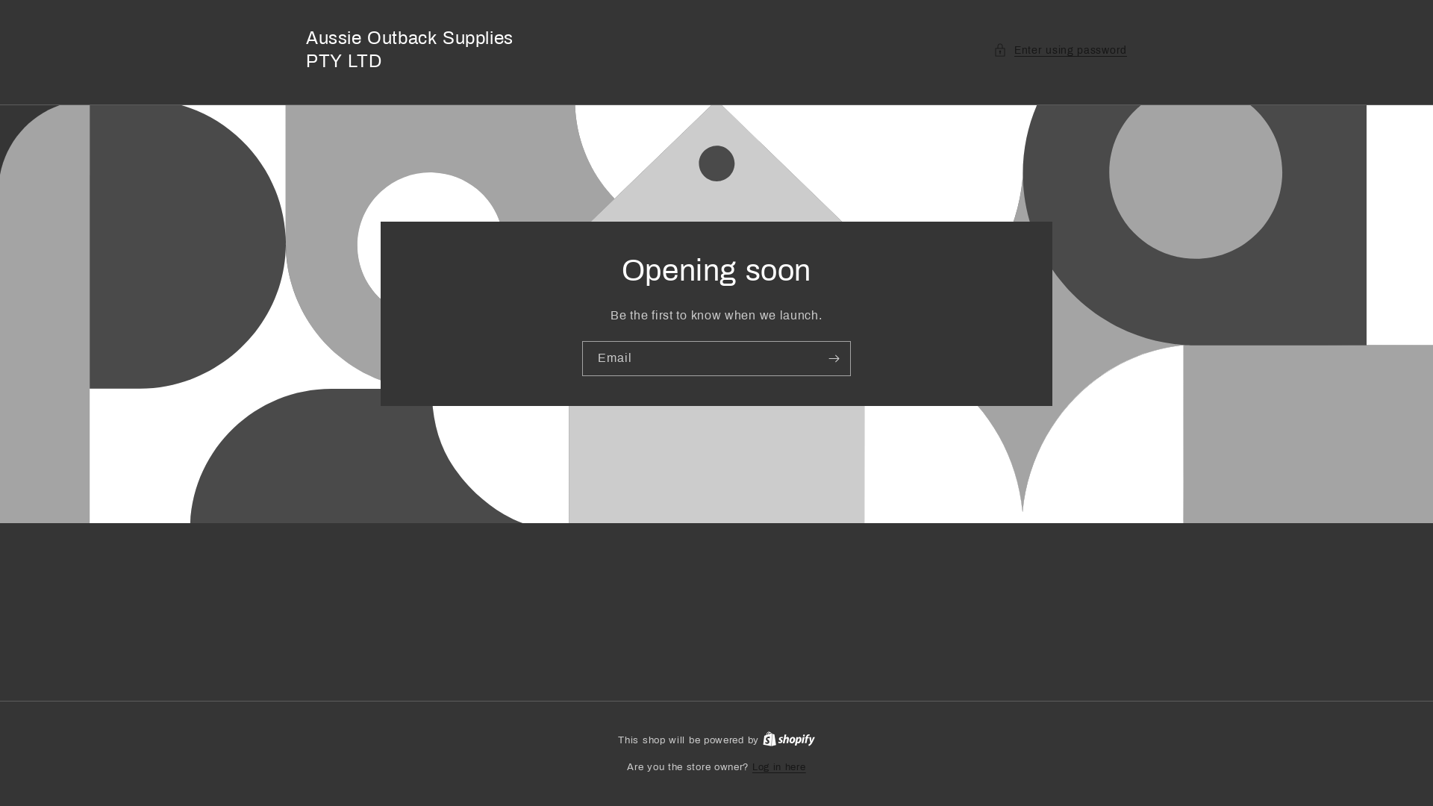 The width and height of the screenshot is (1433, 806). What do you see at coordinates (778, 768) in the screenshot?
I see `'Log in here'` at bounding box center [778, 768].